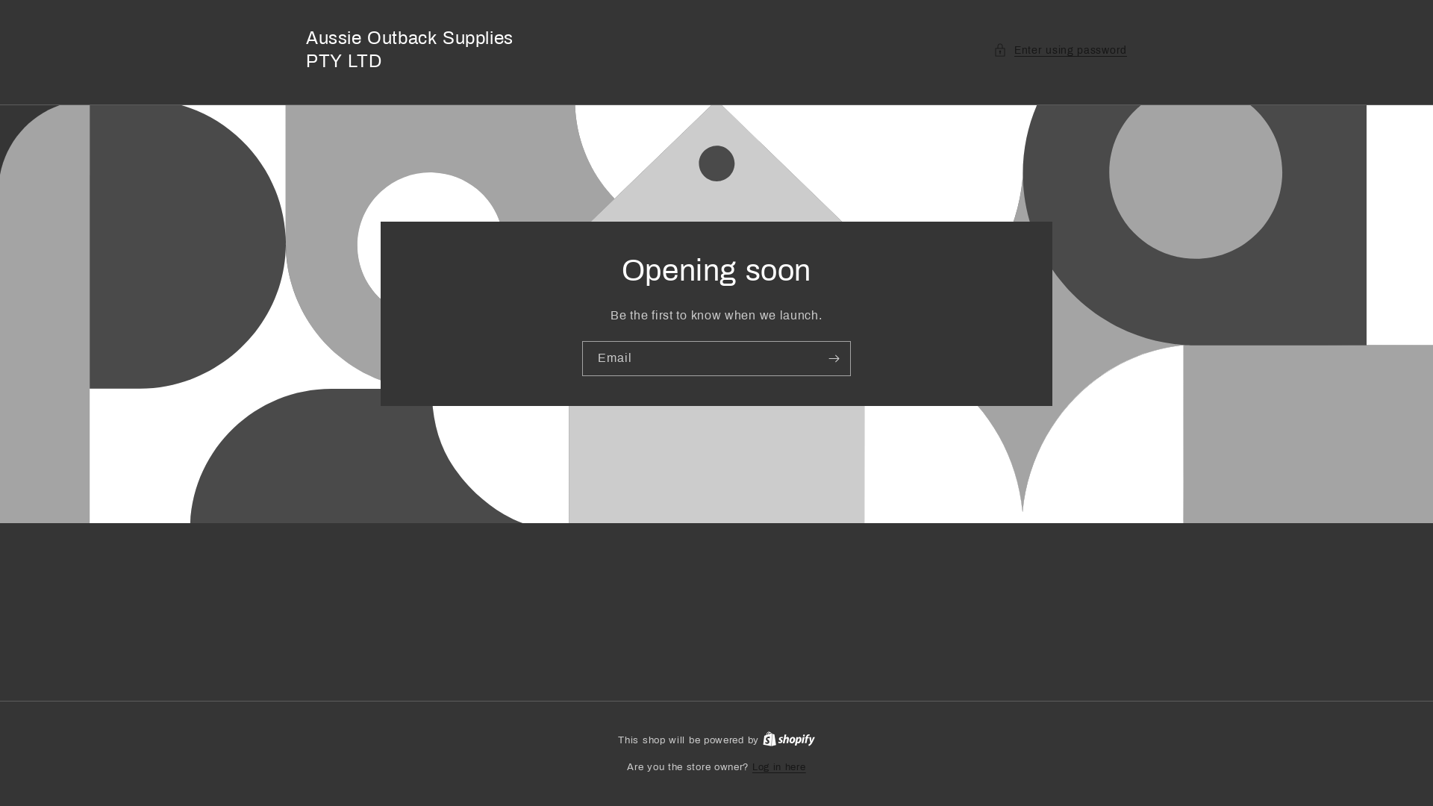 The width and height of the screenshot is (1433, 806). What do you see at coordinates (778, 768) in the screenshot?
I see `'Log in here'` at bounding box center [778, 768].